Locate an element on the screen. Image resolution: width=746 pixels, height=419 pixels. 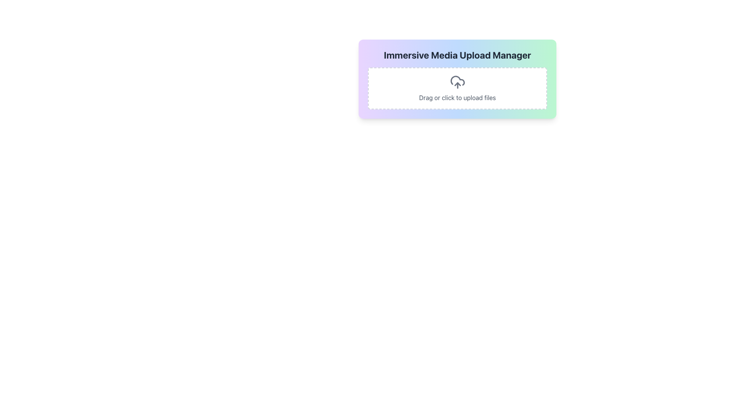
the text label that serves as the header for managing uploads of immersive media, positioned above the upload area is located at coordinates (457, 55).